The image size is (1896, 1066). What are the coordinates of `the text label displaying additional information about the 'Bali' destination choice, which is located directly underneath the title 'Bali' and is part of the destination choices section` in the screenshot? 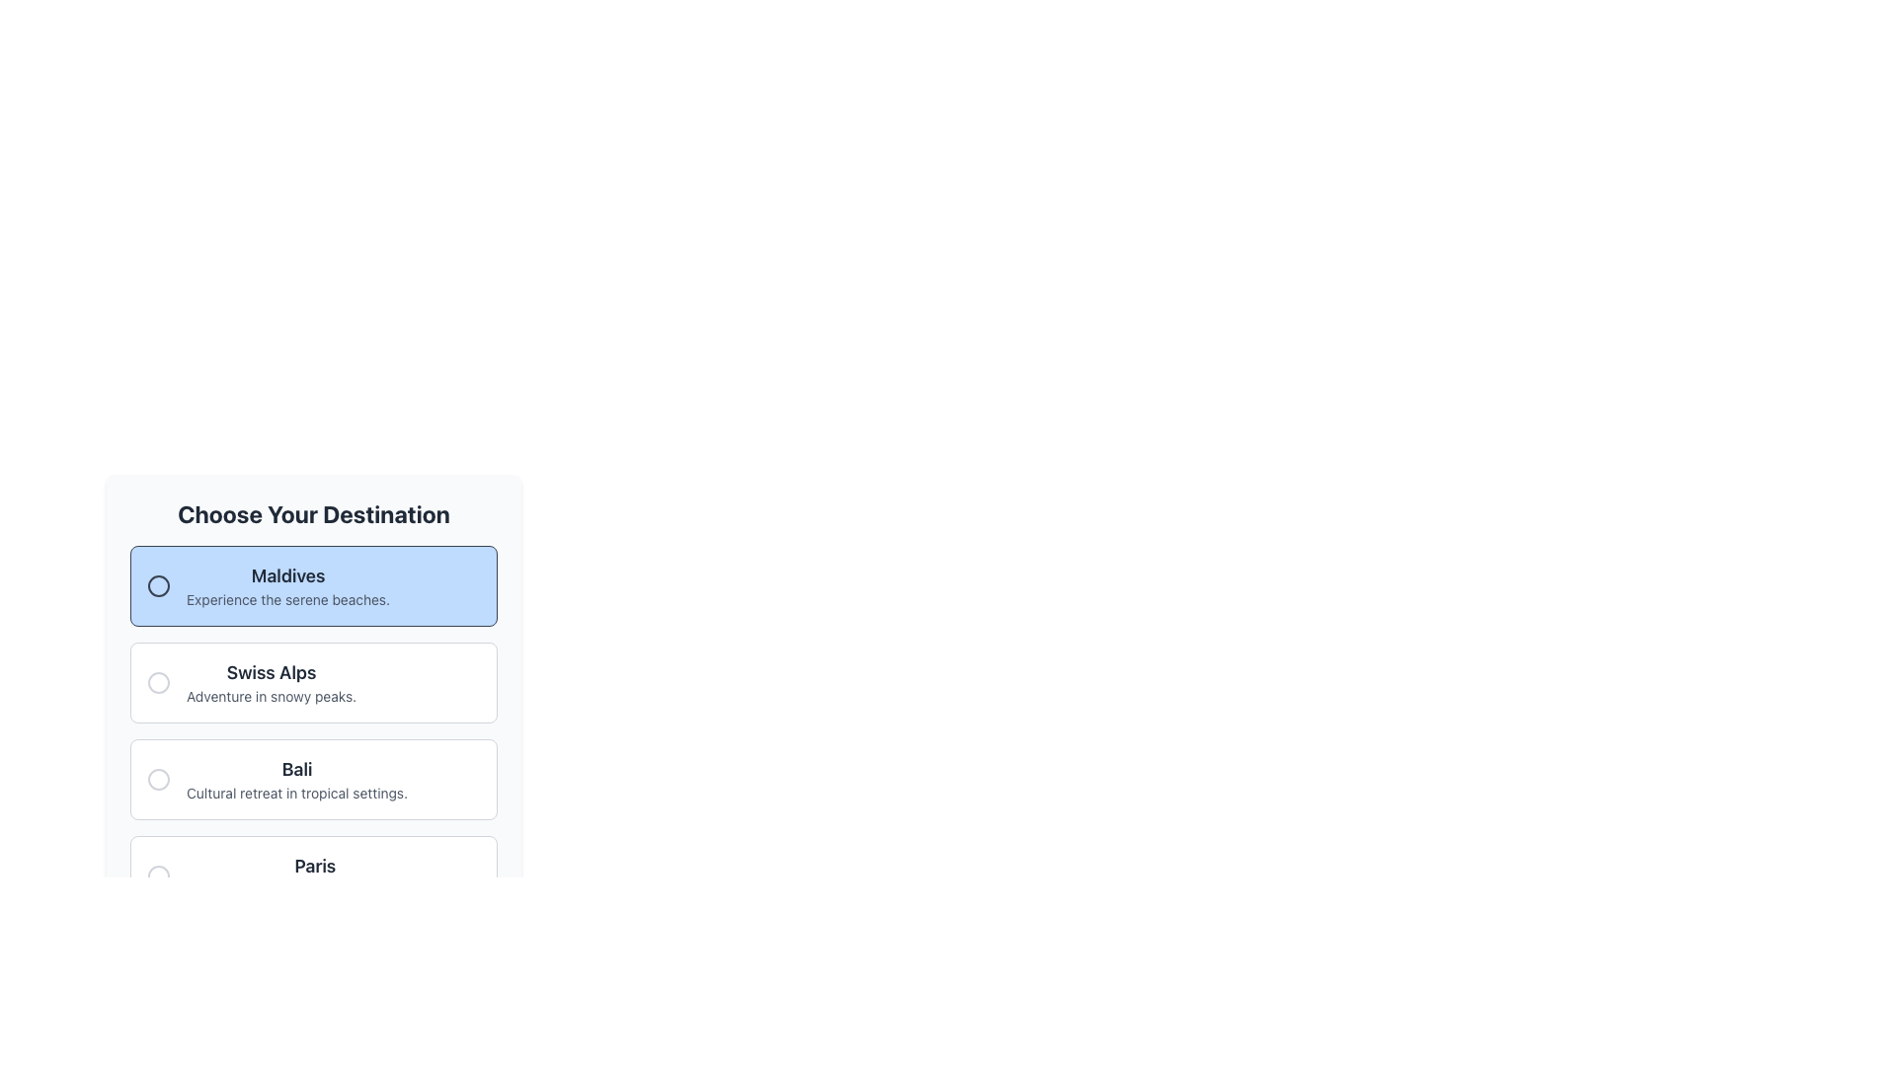 It's located at (296, 792).